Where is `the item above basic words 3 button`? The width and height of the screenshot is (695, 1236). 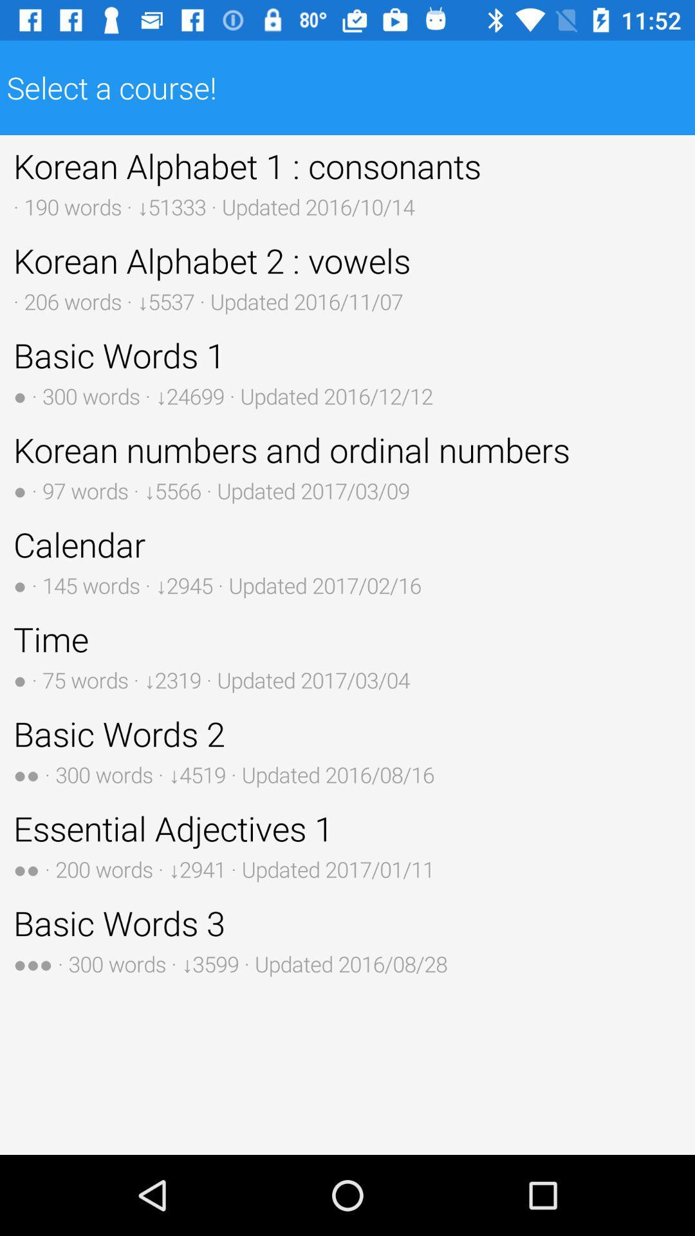
the item above basic words 3 button is located at coordinates (347, 845).